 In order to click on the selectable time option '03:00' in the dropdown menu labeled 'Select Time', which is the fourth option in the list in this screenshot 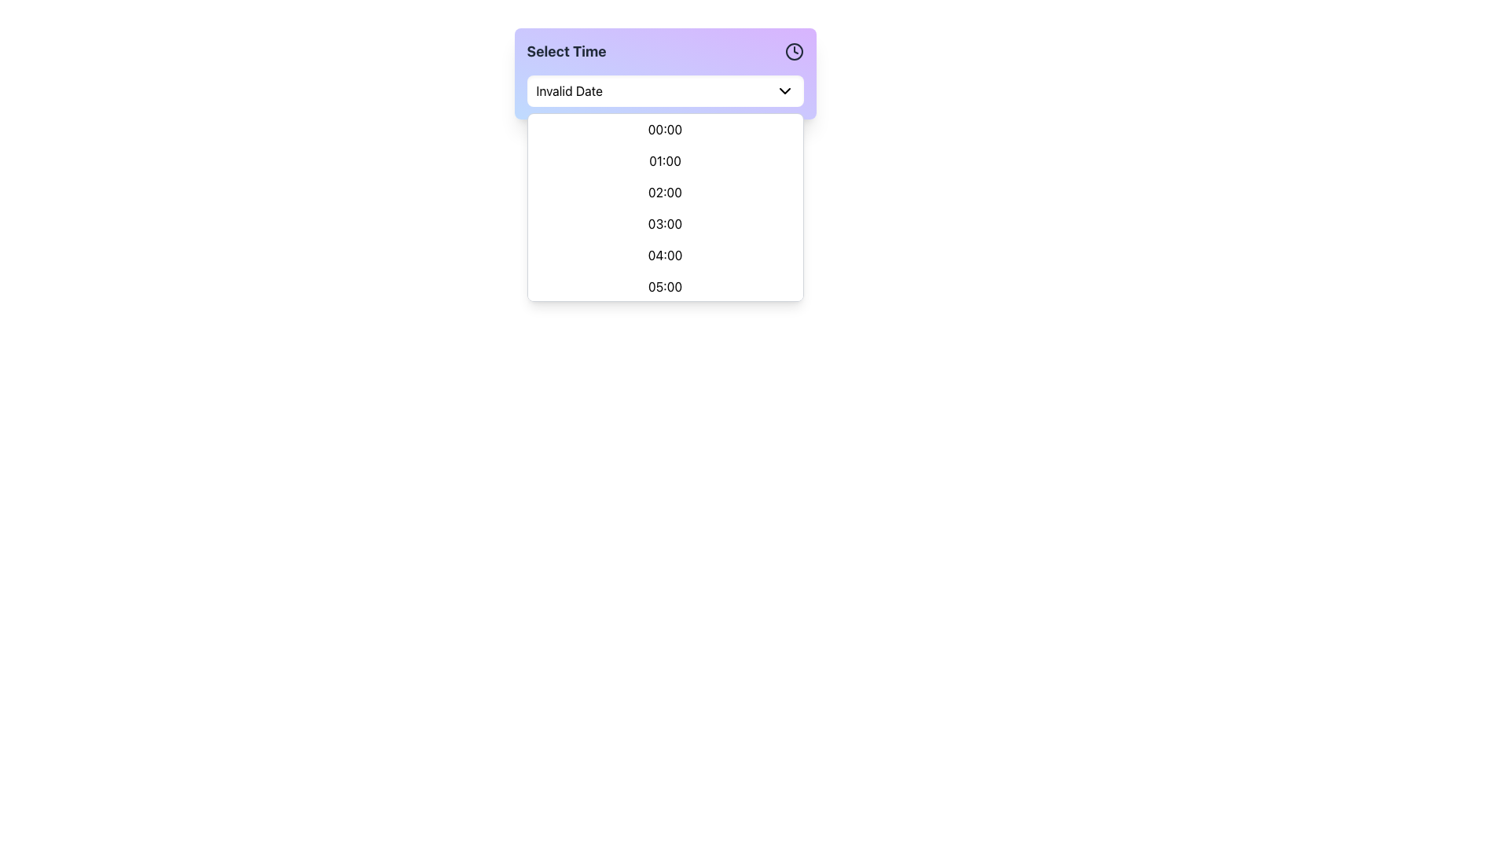, I will do `click(665, 224)`.